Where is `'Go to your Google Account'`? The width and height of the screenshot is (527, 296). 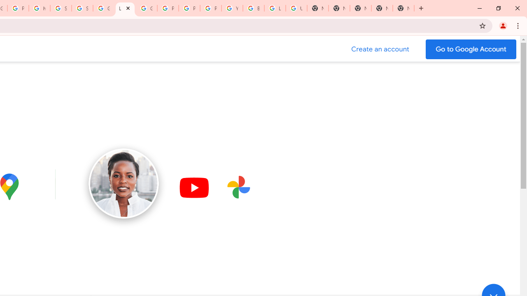 'Go to your Google Account' is located at coordinates (471, 49).